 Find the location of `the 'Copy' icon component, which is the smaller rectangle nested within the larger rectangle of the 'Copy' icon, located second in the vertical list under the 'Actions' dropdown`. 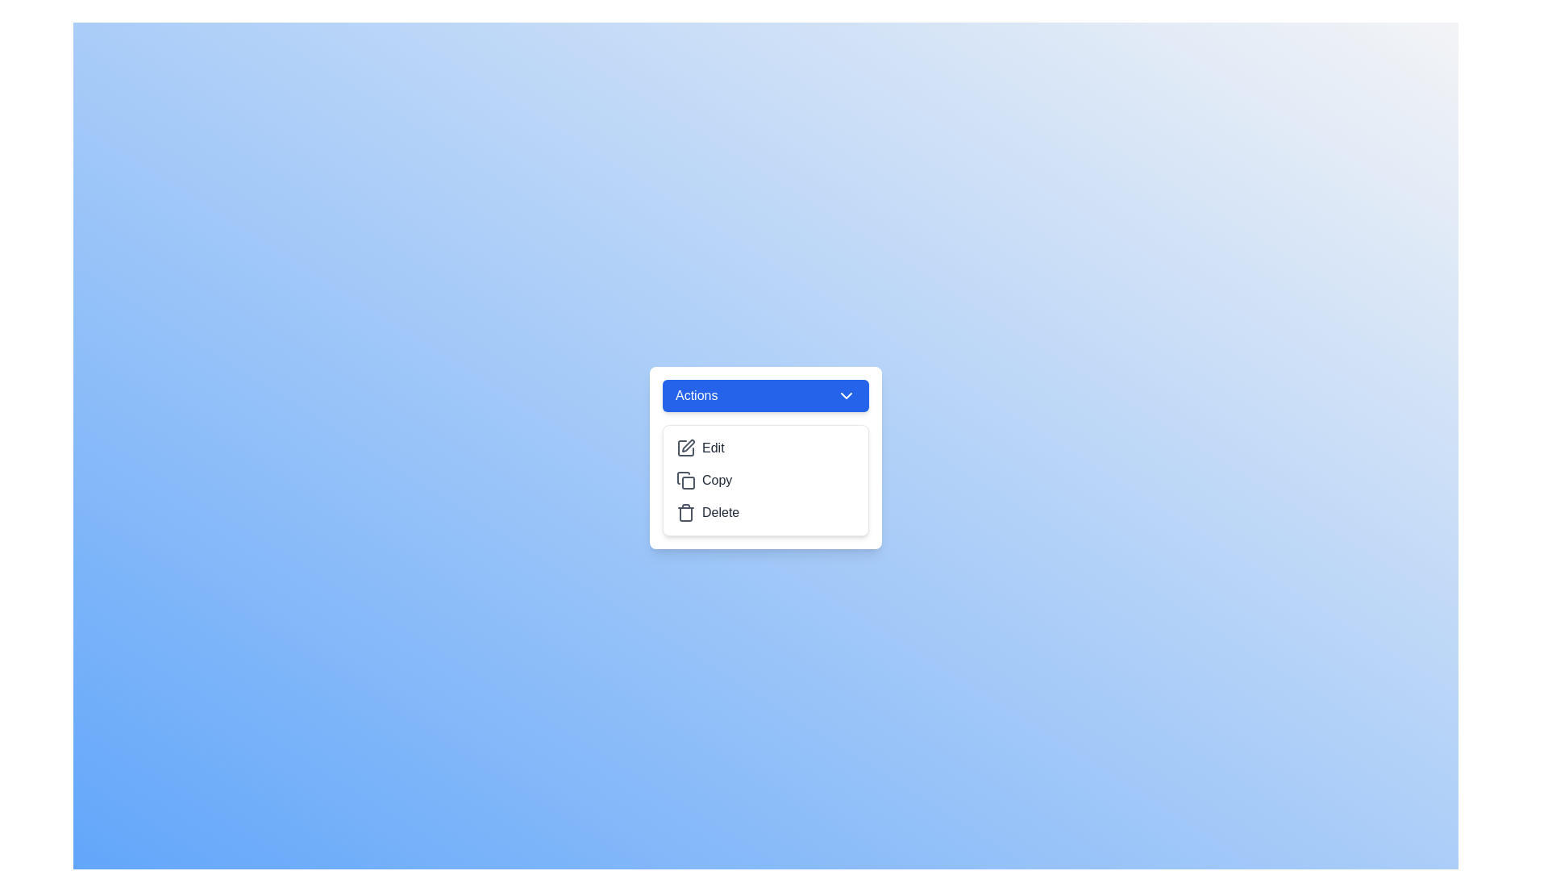

the 'Copy' icon component, which is the smaller rectangle nested within the larger rectangle of the 'Copy' icon, located second in the vertical list under the 'Actions' dropdown is located at coordinates (689, 481).